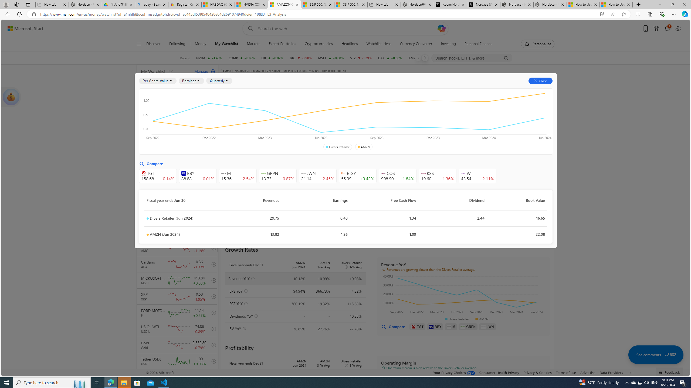  What do you see at coordinates (448, 44) in the screenshot?
I see `'Investing'` at bounding box center [448, 44].